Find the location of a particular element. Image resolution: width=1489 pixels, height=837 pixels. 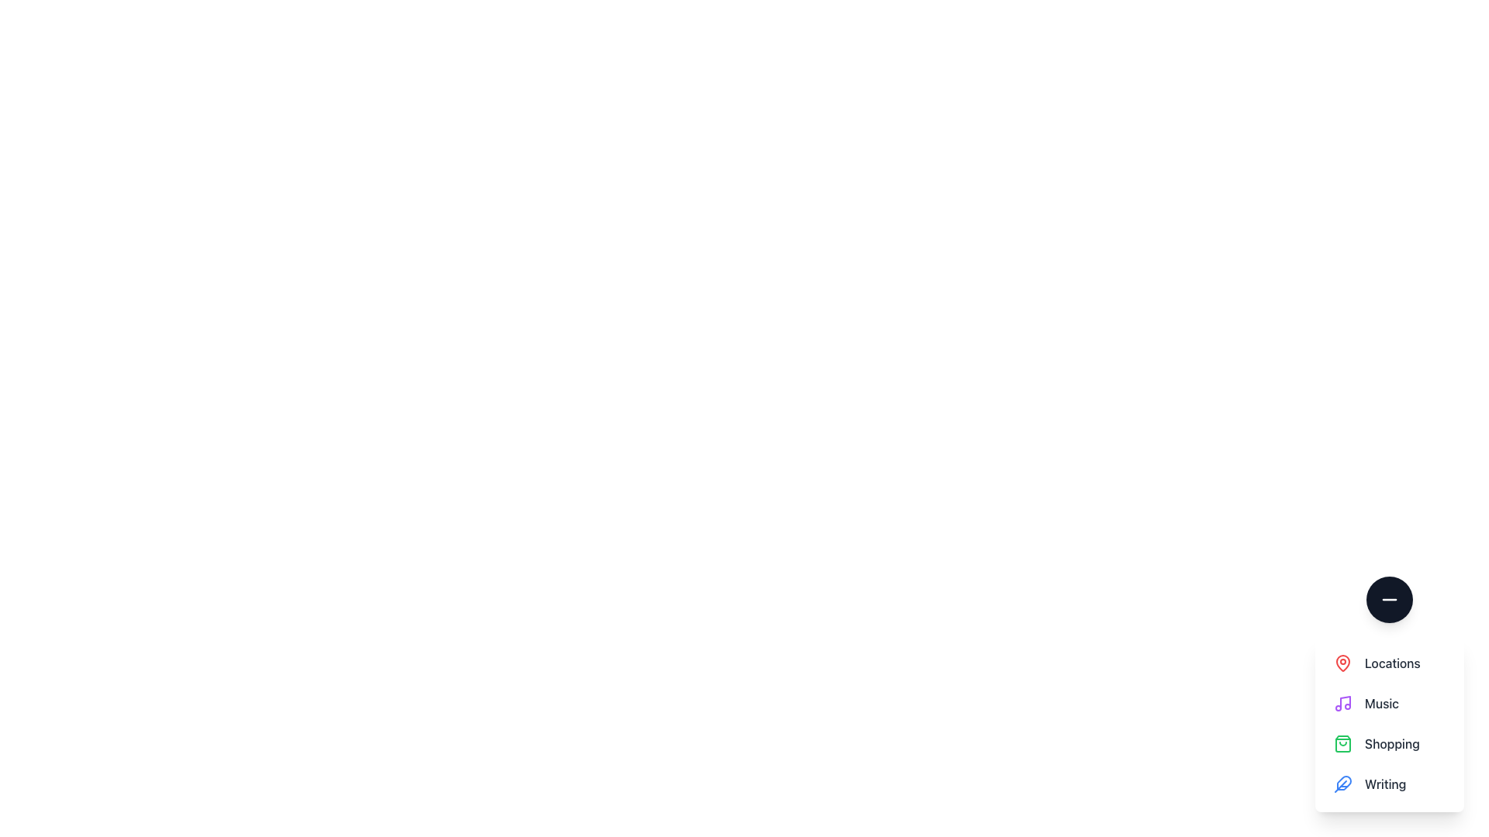

the 'Locations' text label, which is displayed in dark gray color and is positioned next to a red map pin icon in a vertical list of options is located at coordinates (1392, 663).